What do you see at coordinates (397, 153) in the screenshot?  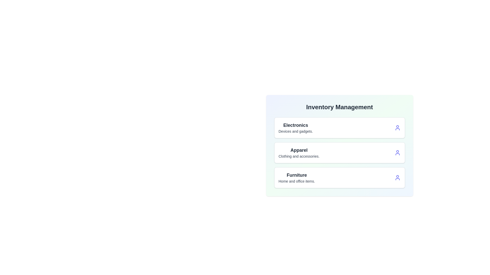 I see `the user icon for the category Apparel` at bounding box center [397, 153].